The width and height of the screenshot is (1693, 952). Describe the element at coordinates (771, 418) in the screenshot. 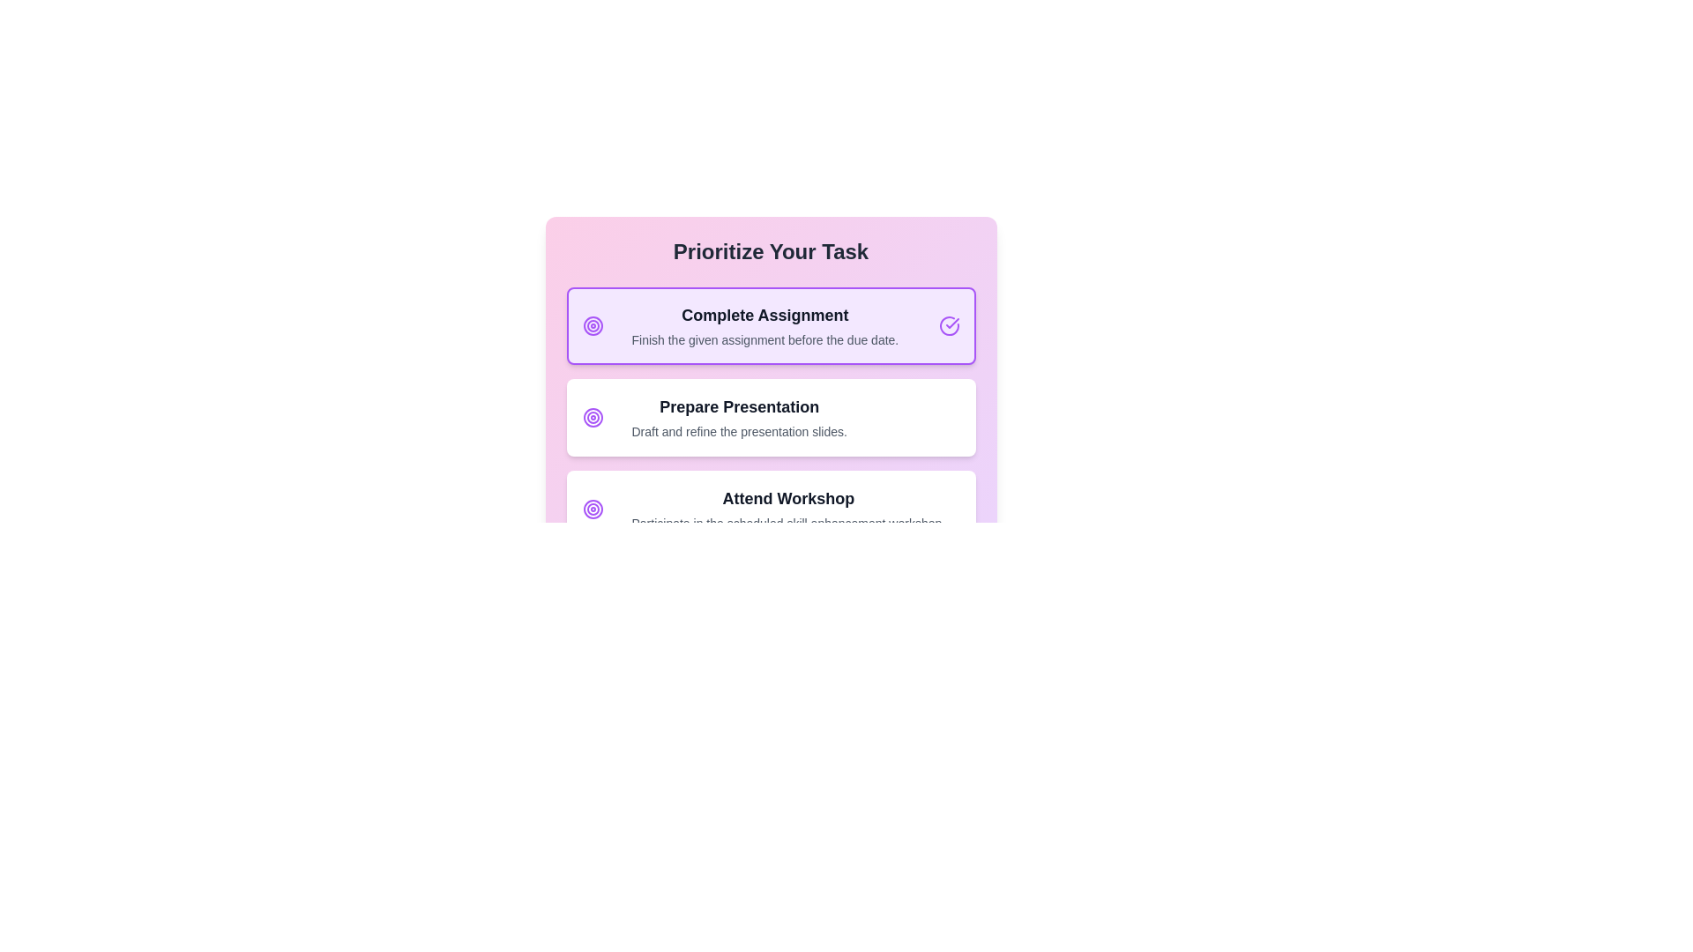

I see `text in the task card titled 'Prepare Presentation', which has a white background, rounded corners, and contains a description below the heading` at that location.